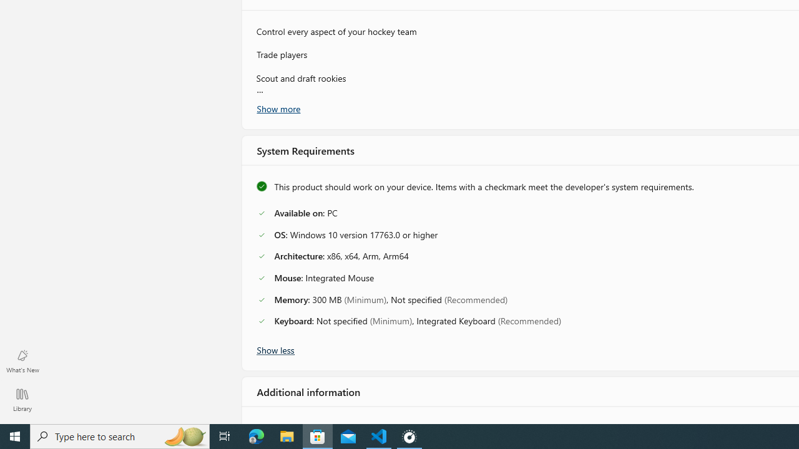  I want to click on 'Show less', so click(274, 349).